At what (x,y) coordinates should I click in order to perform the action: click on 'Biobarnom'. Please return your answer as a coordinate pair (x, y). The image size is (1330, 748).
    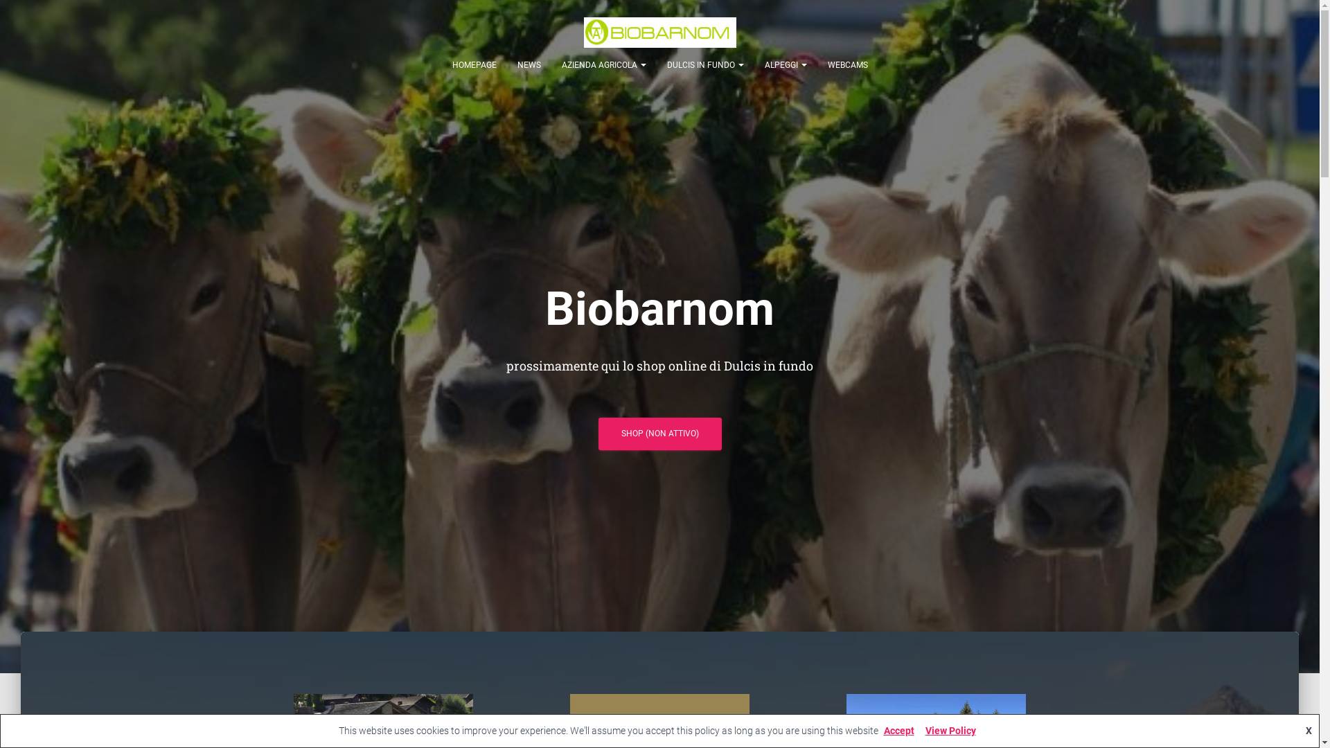
    Looking at the image, I should click on (659, 31).